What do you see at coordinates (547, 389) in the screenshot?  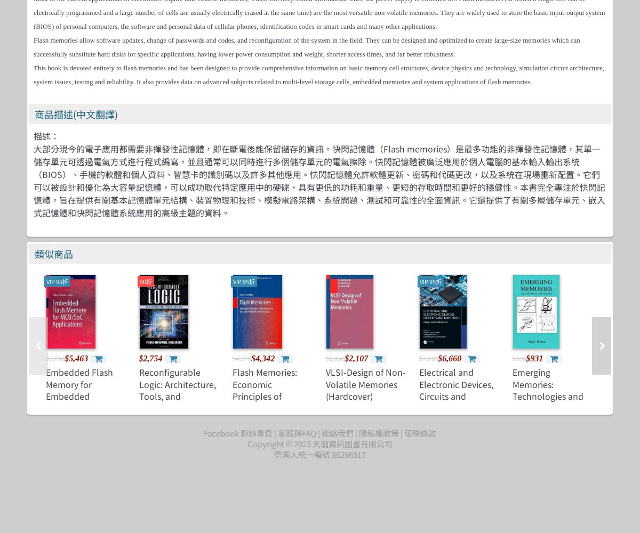 I see `'Emerging Memories: Technologies and Trends'` at bounding box center [547, 389].